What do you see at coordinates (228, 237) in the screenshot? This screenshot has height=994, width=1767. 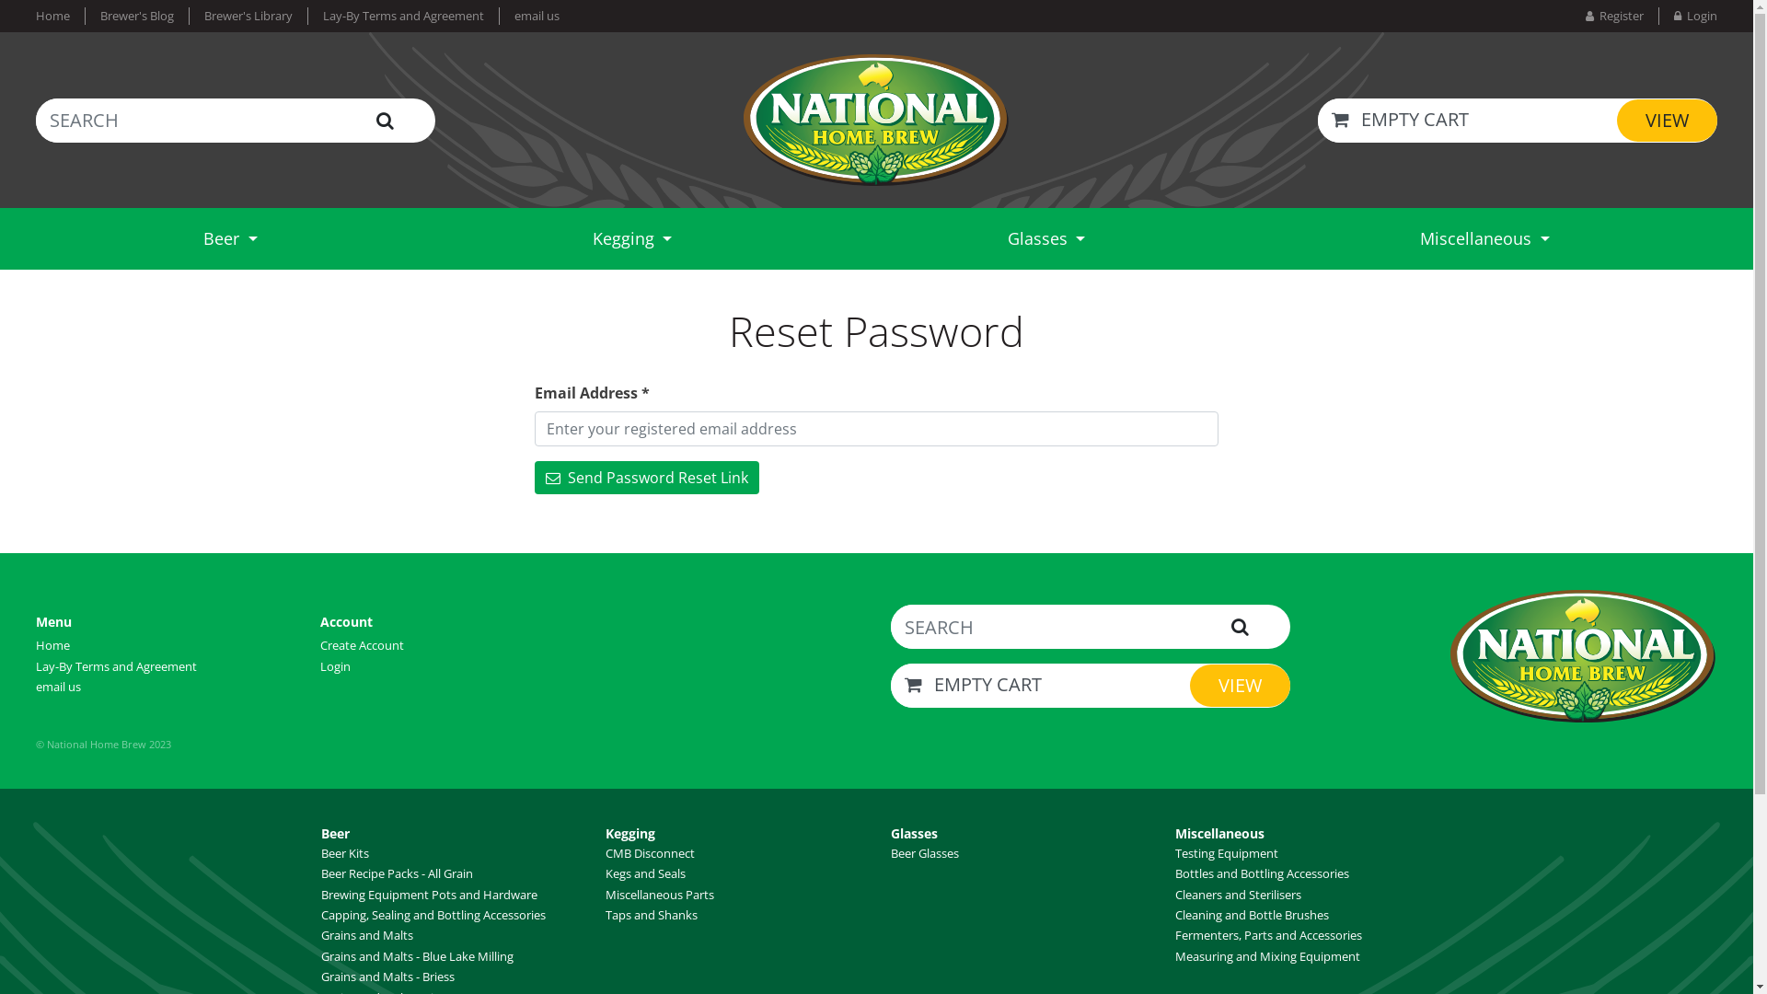 I see `'Beer'` at bounding box center [228, 237].